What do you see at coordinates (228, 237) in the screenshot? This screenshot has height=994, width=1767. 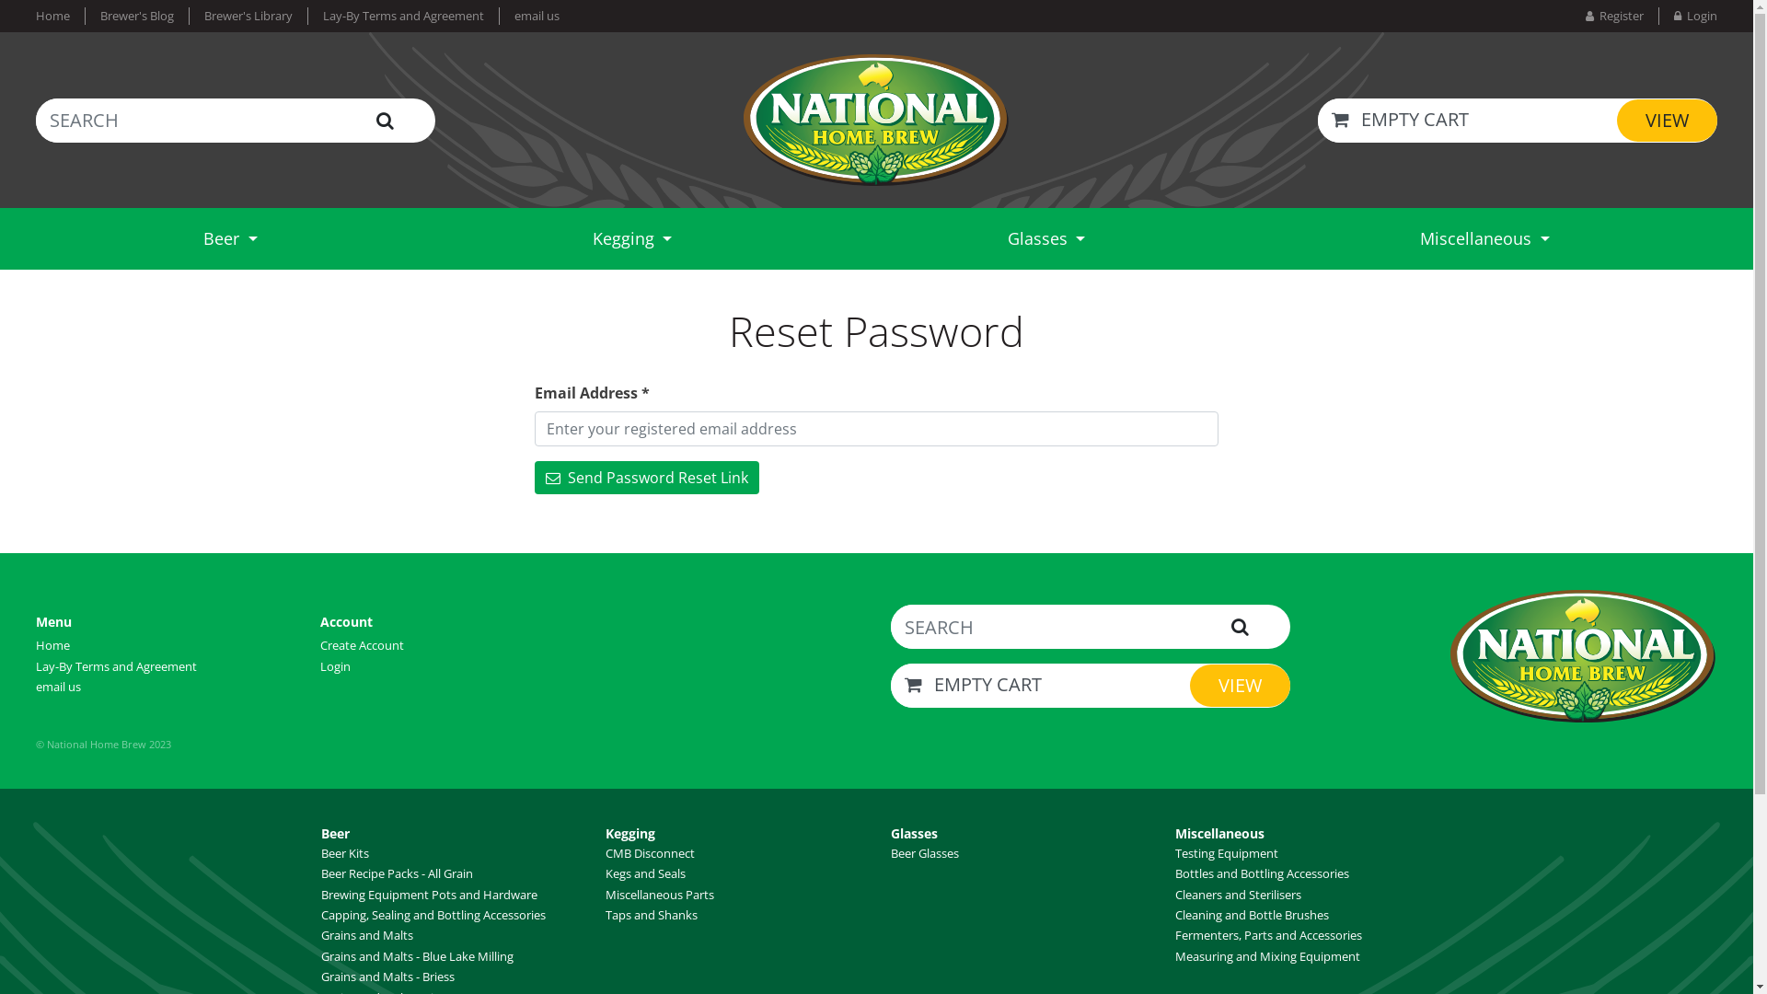 I see `'Beer'` at bounding box center [228, 237].